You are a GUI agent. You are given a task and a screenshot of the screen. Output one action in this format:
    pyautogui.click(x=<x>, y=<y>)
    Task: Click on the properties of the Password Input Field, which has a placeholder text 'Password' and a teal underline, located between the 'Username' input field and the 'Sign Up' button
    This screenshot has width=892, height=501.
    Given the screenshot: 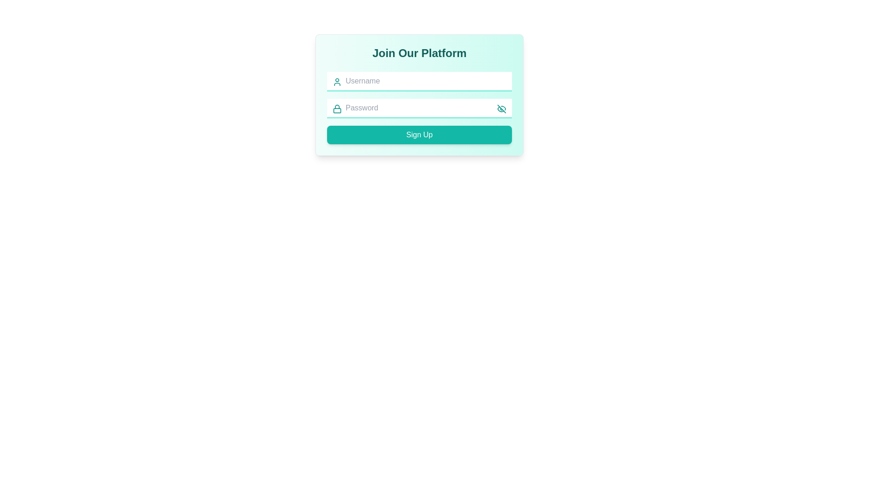 What is the action you would take?
    pyautogui.click(x=419, y=108)
    